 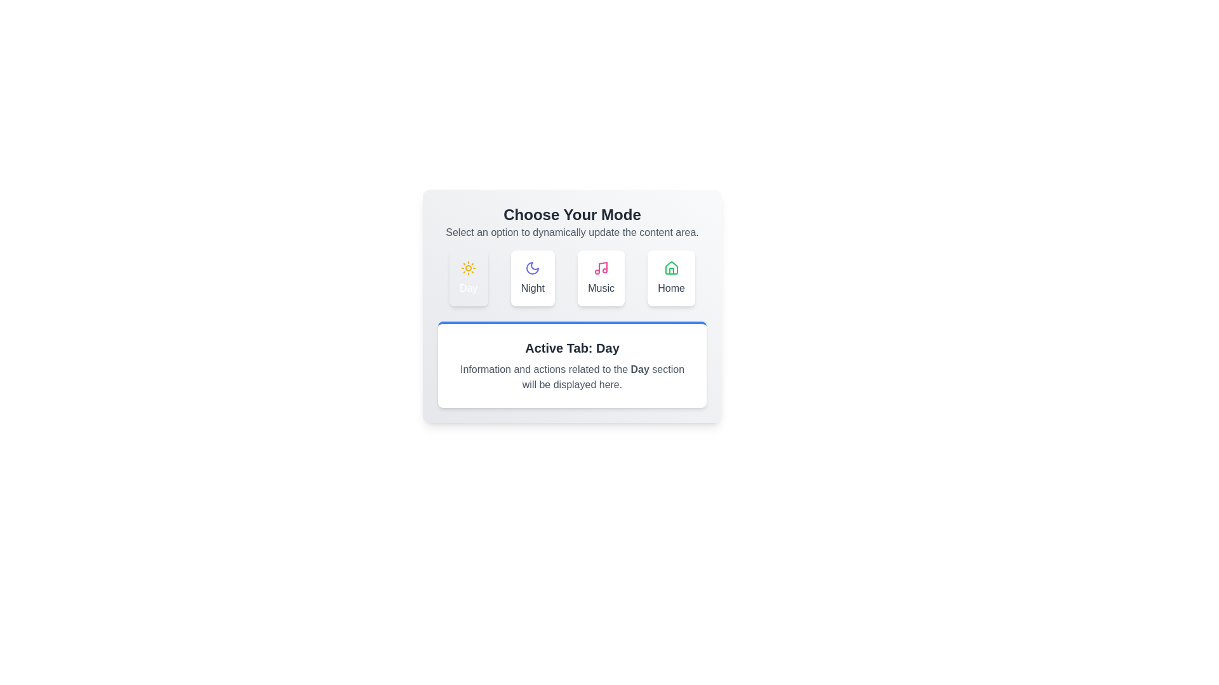 I want to click on the 'Day' button, which is a rounded rectangle with a light yellow background and white text, so click(x=468, y=278).